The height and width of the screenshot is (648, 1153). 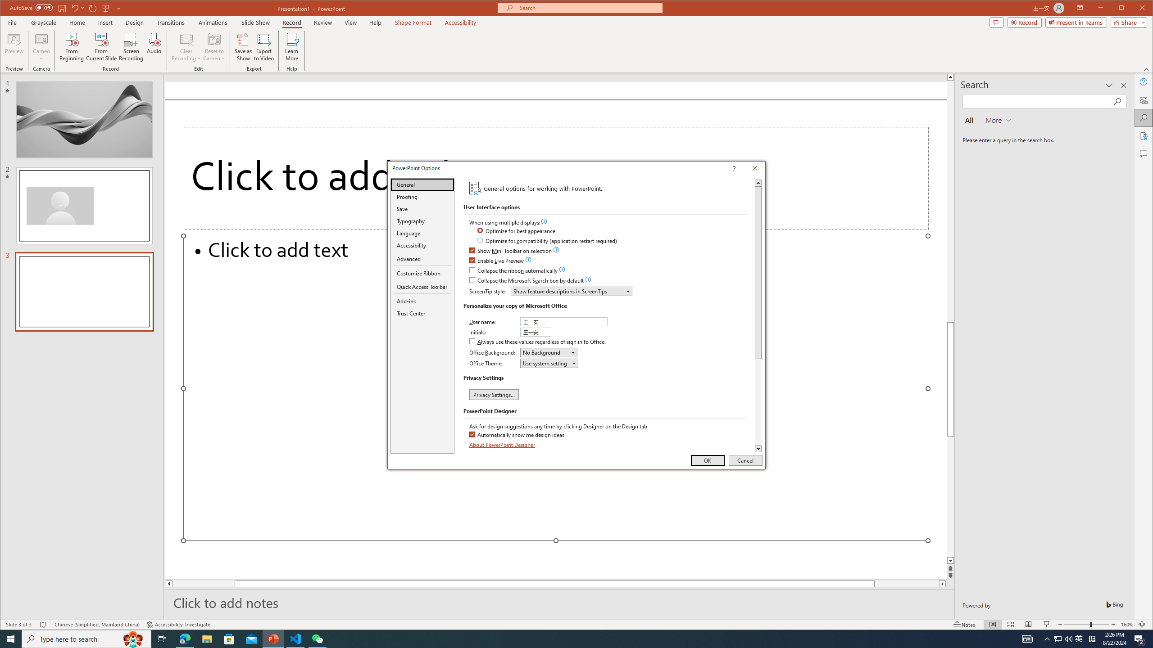 I want to click on 'Office Theme', so click(x=549, y=363).